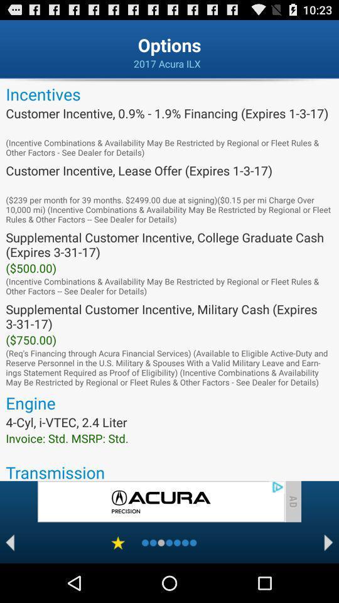 The height and width of the screenshot is (603, 339). Describe the element at coordinates (9, 580) in the screenshot. I see `the arrow_backward icon` at that location.